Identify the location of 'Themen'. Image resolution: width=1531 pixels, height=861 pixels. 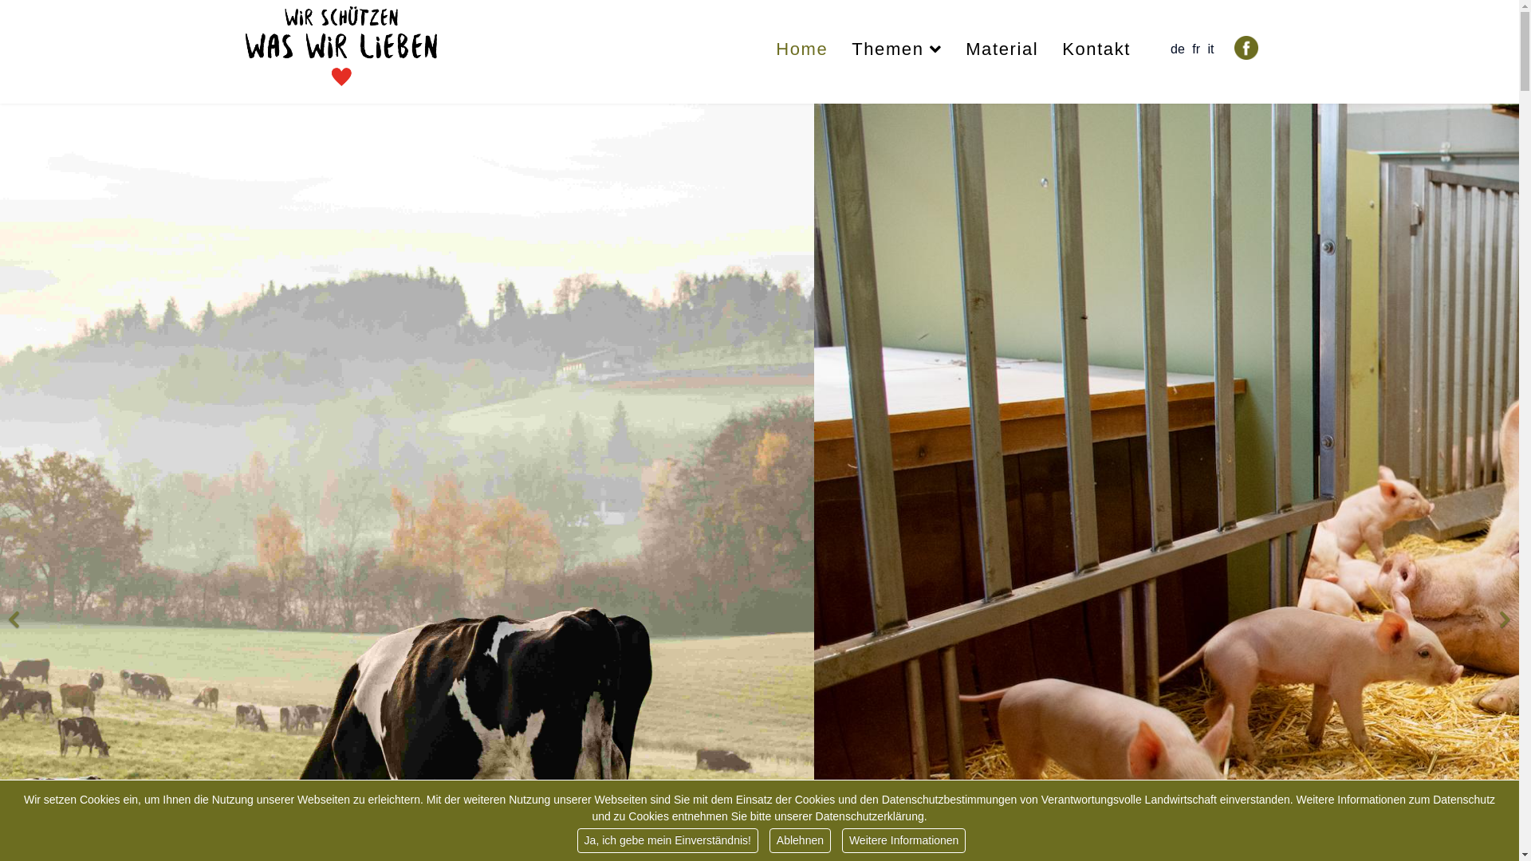
(838, 48).